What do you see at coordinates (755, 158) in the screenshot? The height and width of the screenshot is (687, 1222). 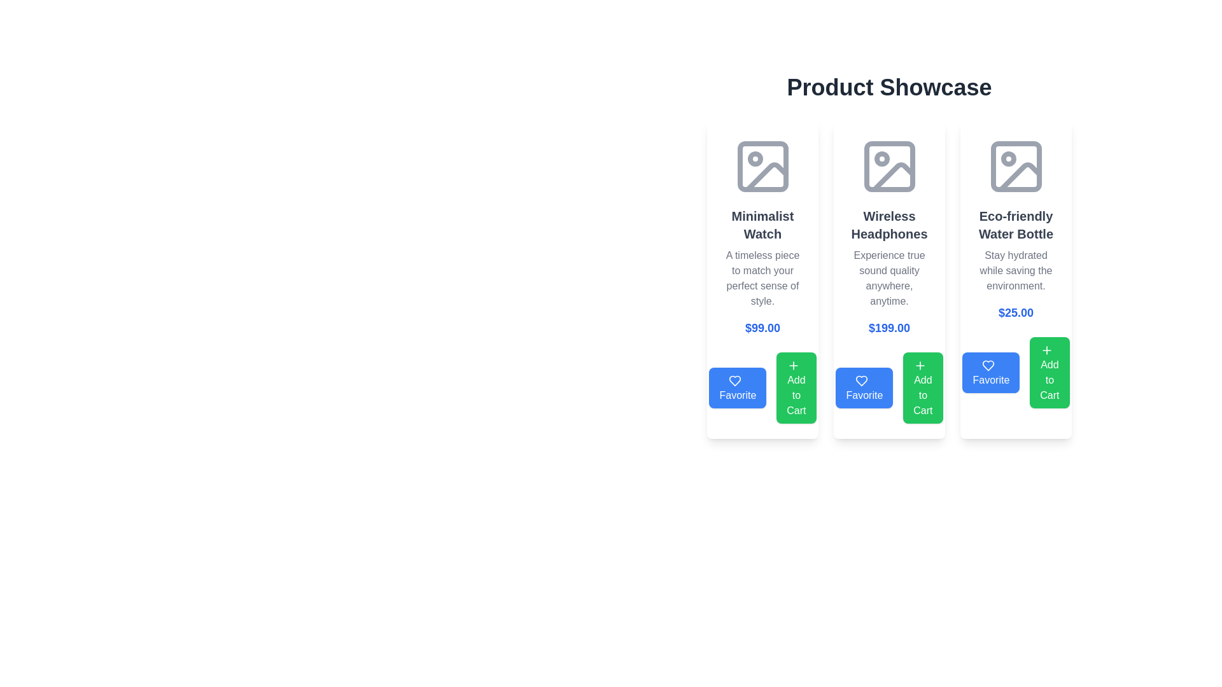 I see `the marker element located in the top-left section of the image placeholder within the 'Minimalist Watch' card` at bounding box center [755, 158].